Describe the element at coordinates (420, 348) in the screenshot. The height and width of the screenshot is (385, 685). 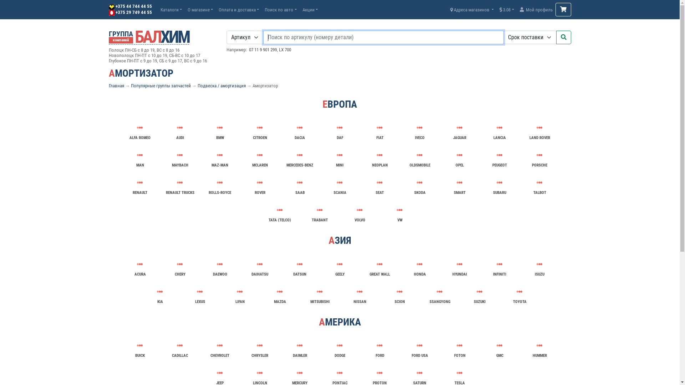
I see `'FORD USA'` at that location.